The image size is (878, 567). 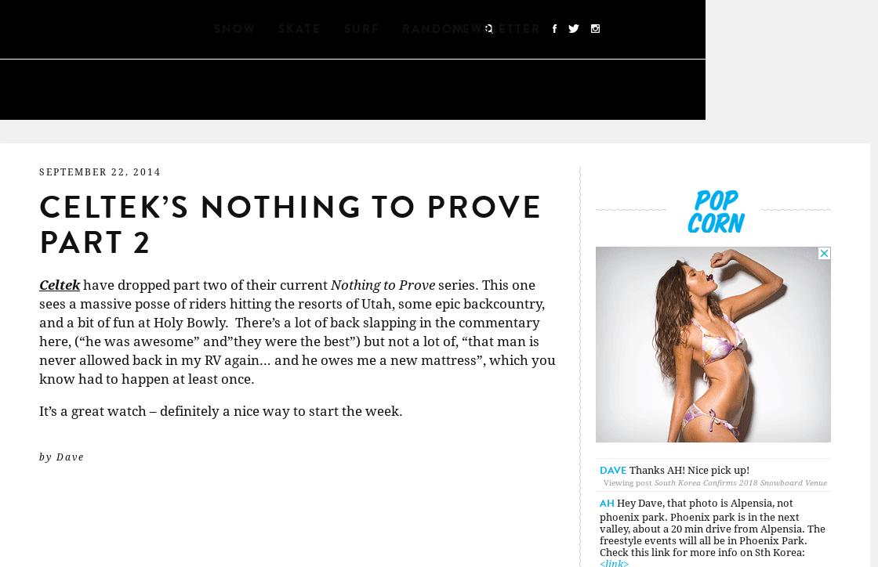 I want to click on 'Celtek', so click(x=60, y=285).